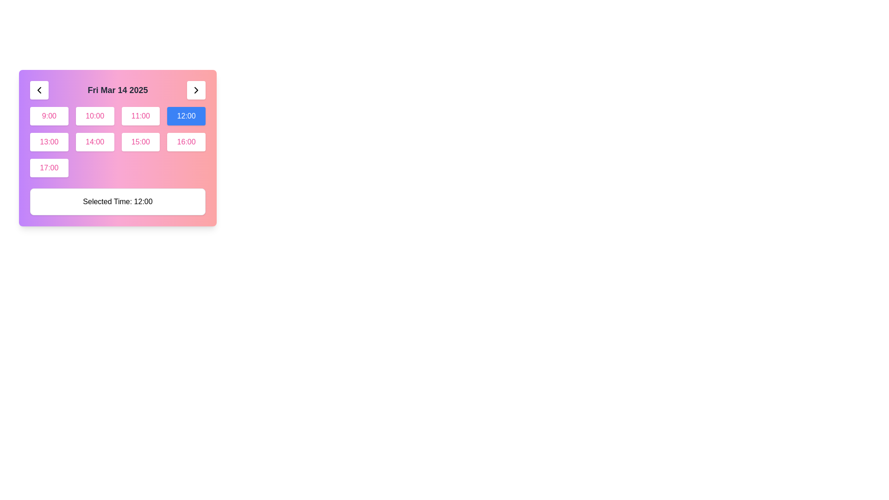 The image size is (889, 500). I want to click on the interactive time selection button for '14:00' located in the second row, second column under 'Fri Mar 14 2025', so click(95, 142).